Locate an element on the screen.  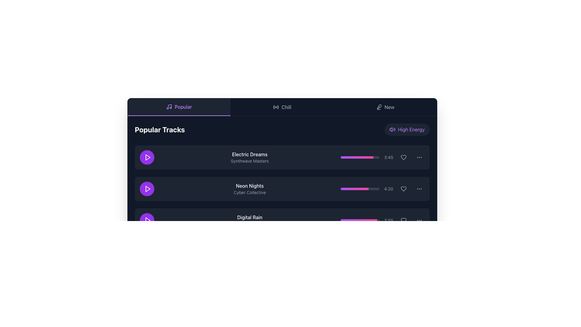
the Progress Bar indicating the playback status of the track 'Electric Dreams', located next to the timestamp '3:45' is located at coordinates (360, 157).